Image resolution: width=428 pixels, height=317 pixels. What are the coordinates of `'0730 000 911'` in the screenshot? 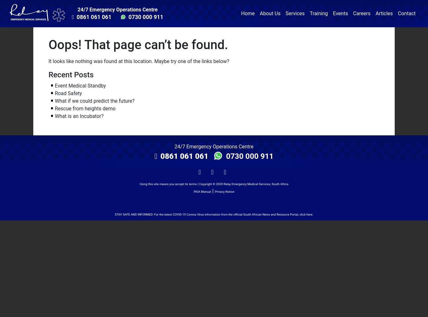 It's located at (248, 156).